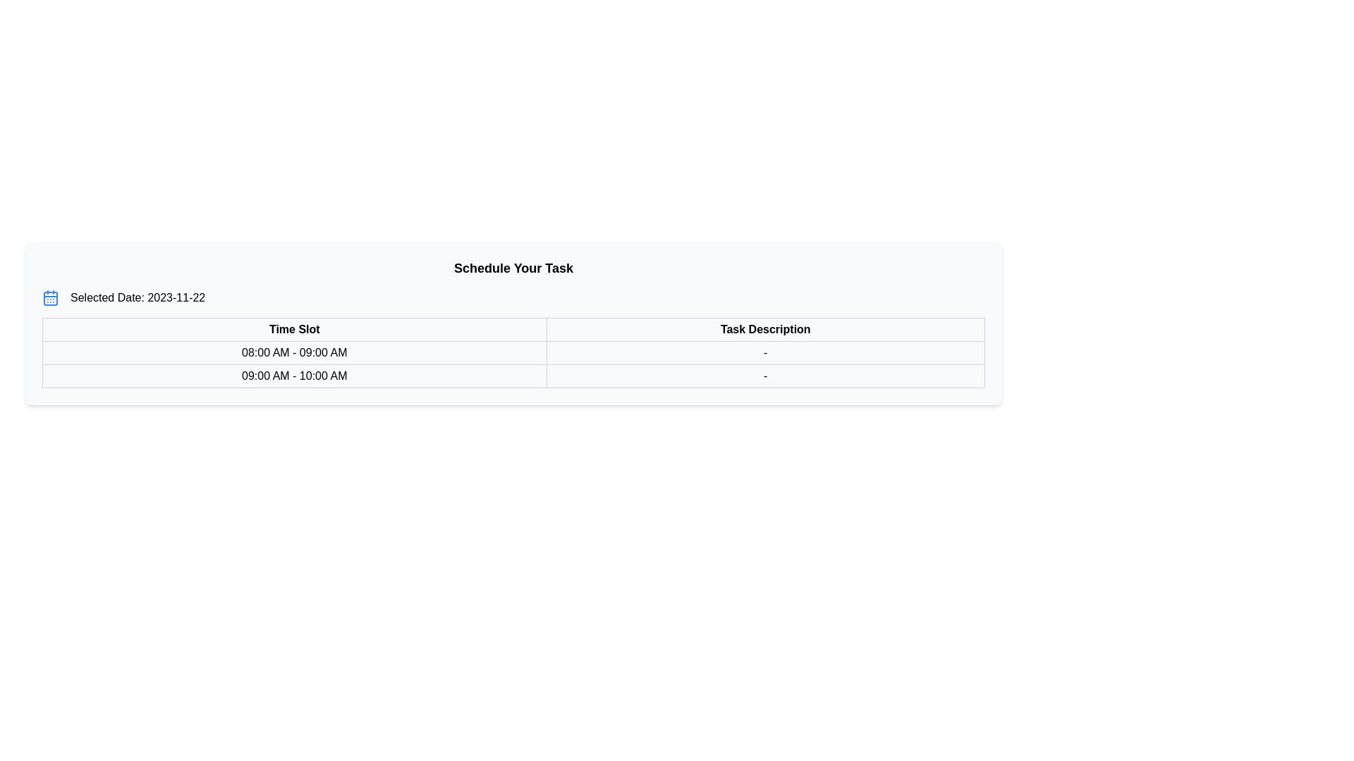  What do you see at coordinates (764, 375) in the screenshot?
I see `the text label displaying a single hyphen ('-') located in the 'Task Description' column of the second row in the table` at bounding box center [764, 375].